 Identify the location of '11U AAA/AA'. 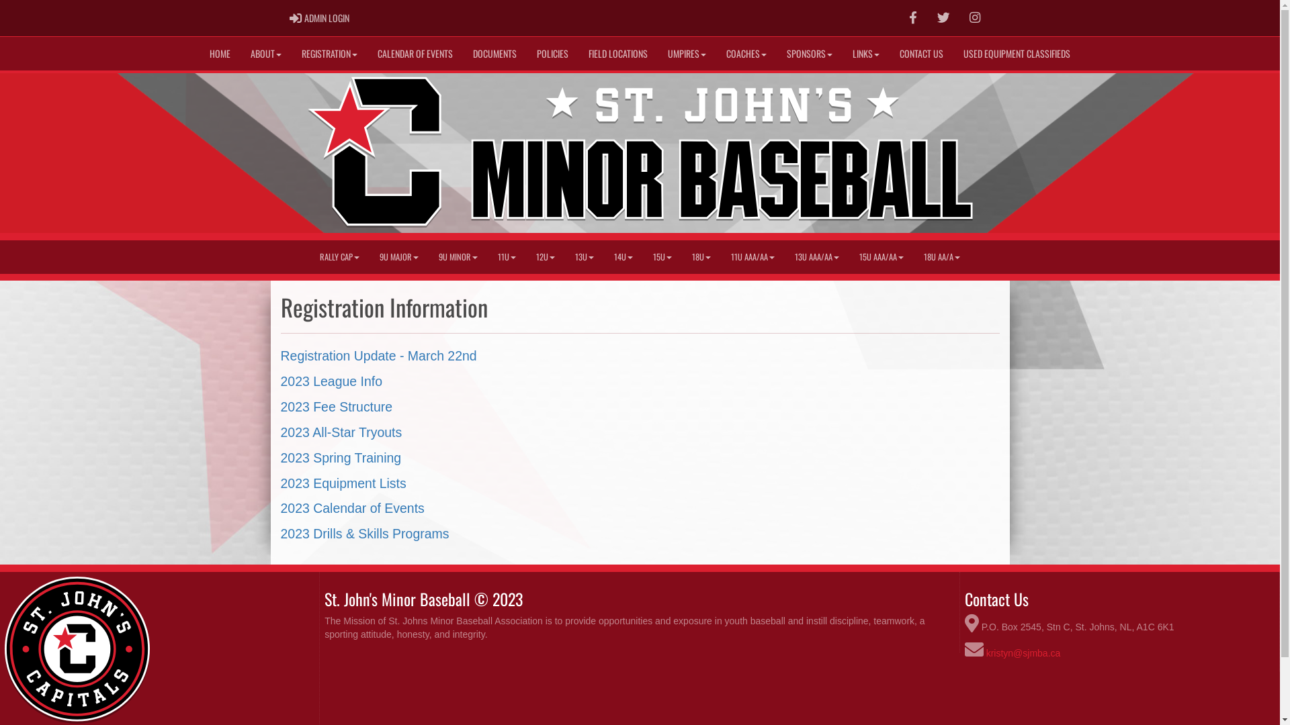
(752, 256).